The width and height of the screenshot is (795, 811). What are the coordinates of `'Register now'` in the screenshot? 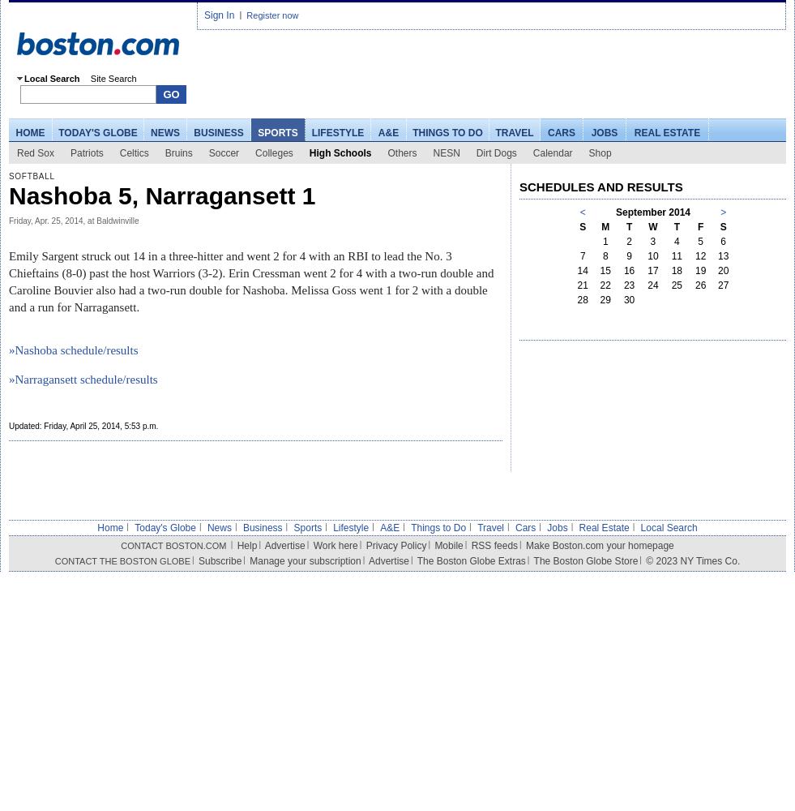 It's located at (271, 15).